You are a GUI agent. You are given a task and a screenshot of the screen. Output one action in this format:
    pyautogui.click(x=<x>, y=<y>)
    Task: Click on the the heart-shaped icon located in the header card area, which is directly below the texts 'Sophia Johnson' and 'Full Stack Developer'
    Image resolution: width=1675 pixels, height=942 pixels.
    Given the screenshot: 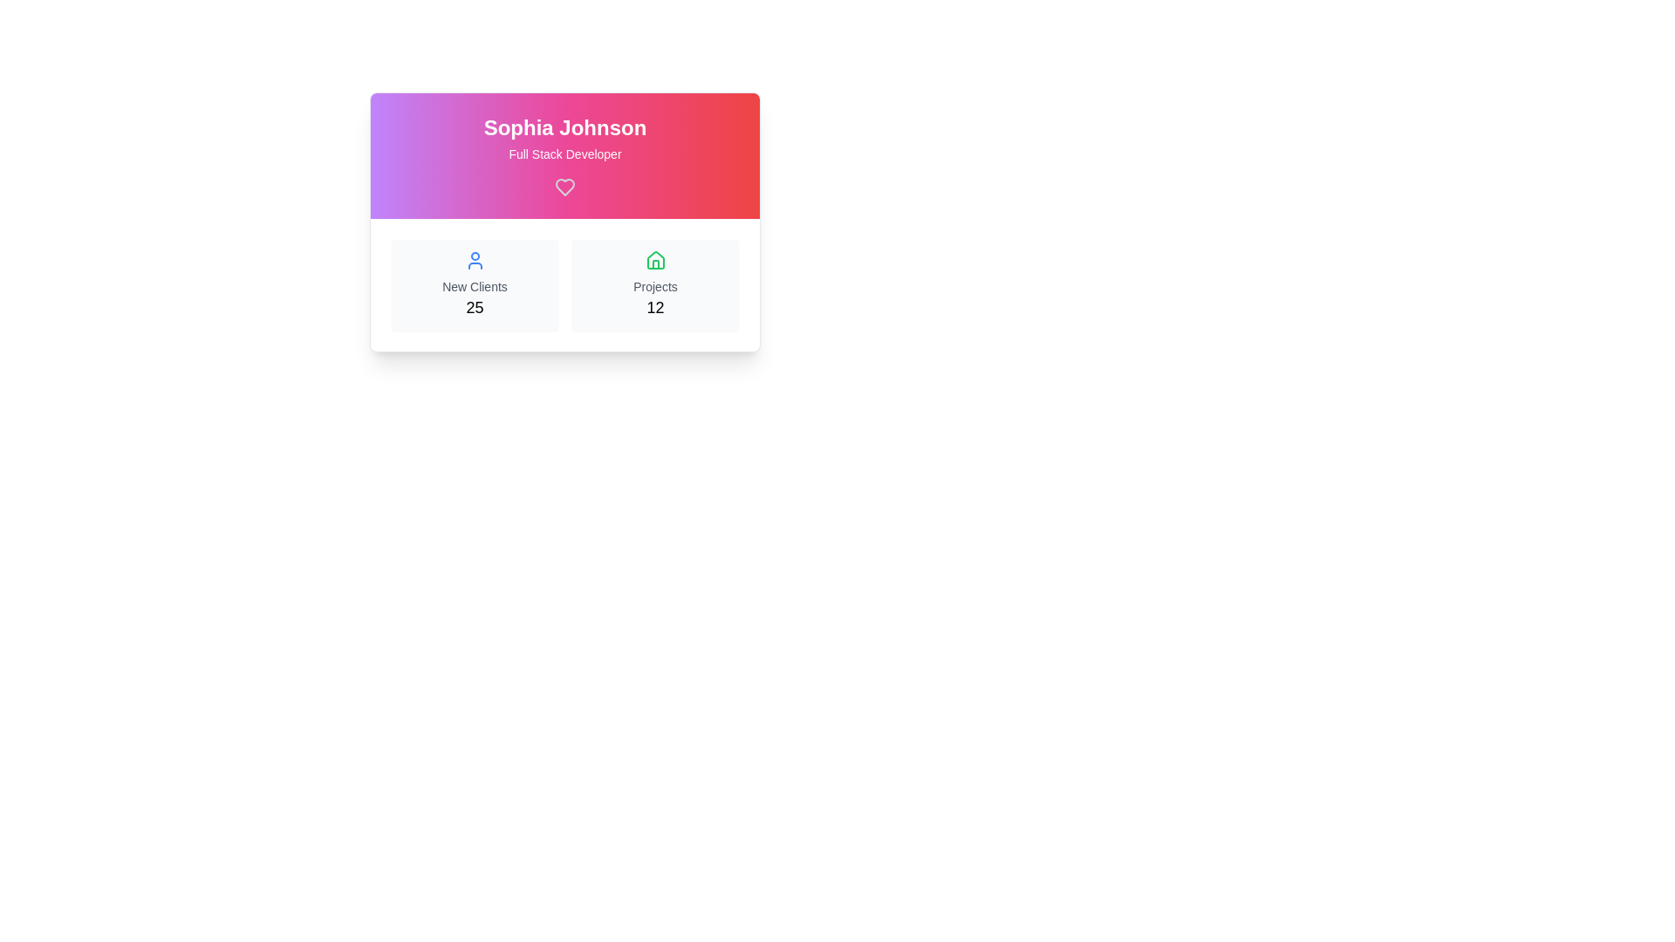 What is the action you would take?
    pyautogui.click(x=565, y=188)
    